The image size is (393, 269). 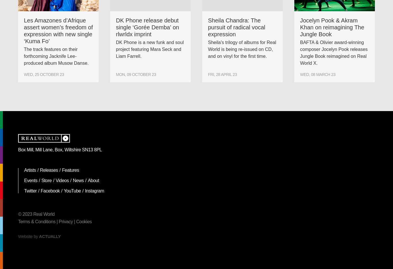 I want to click on 'Les Amazones d’Afrique assert women’s freedom of expression with new single ‘Kuma Fo’', so click(x=58, y=30).